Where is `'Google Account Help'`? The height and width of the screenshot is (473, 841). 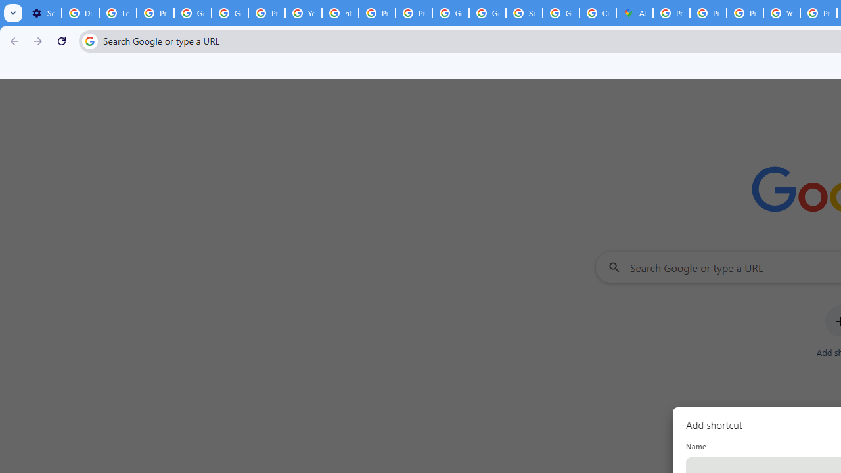
'Google Account Help' is located at coordinates (192, 13).